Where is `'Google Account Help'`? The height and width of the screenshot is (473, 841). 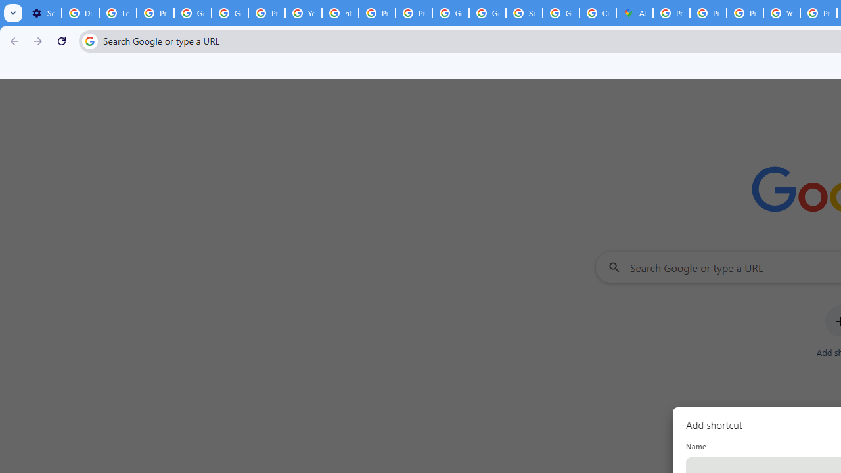
'Google Account Help' is located at coordinates (192, 13).